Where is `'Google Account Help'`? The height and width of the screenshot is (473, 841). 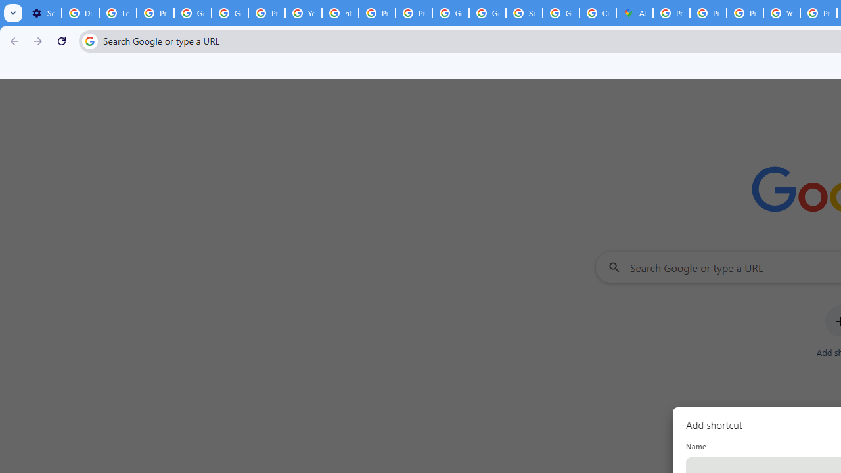
'Google Account Help' is located at coordinates (192, 13).